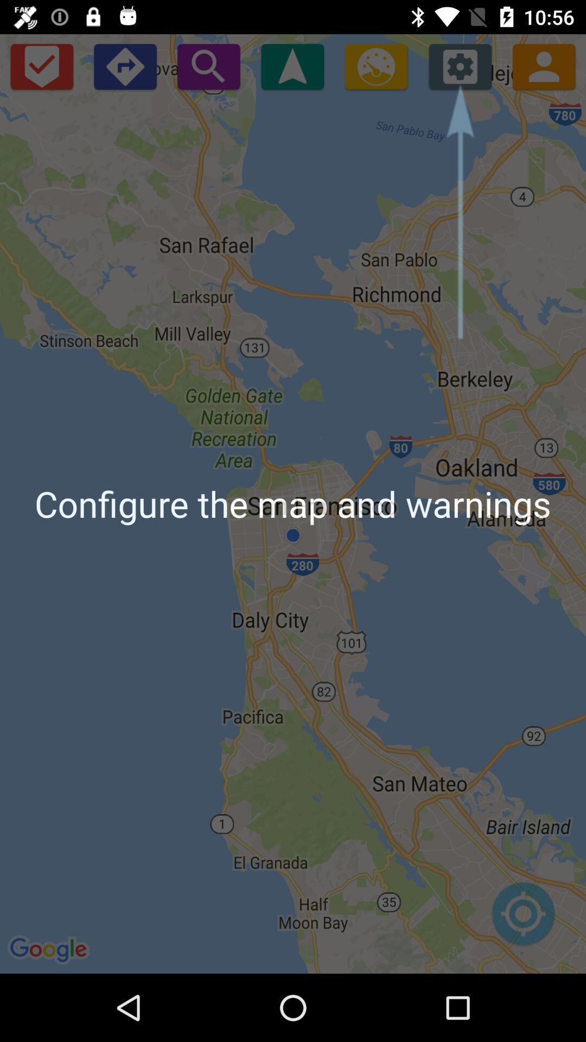  What do you see at coordinates (375, 66) in the screenshot?
I see `the item above configure the map` at bounding box center [375, 66].